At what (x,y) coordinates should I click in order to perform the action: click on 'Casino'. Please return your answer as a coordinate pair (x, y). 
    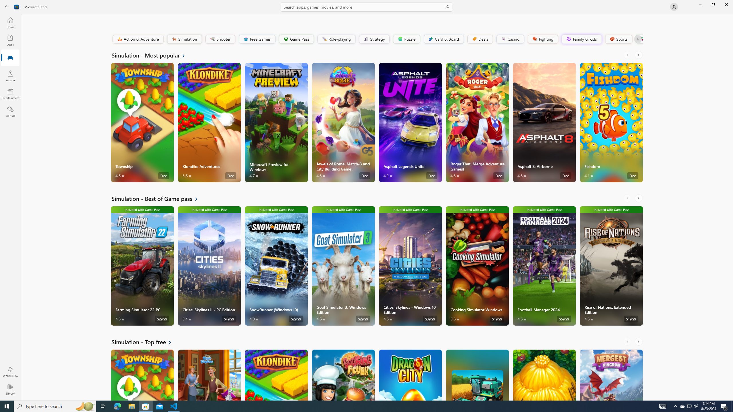
    Looking at the image, I should click on (510, 39).